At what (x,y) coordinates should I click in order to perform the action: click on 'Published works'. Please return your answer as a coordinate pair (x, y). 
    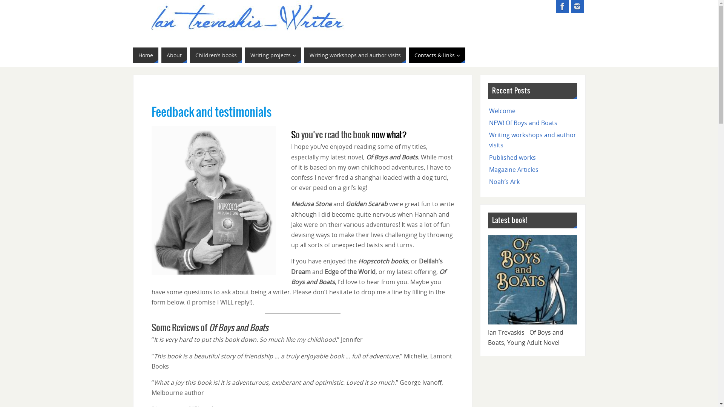
    Looking at the image, I should click on (512, 157).